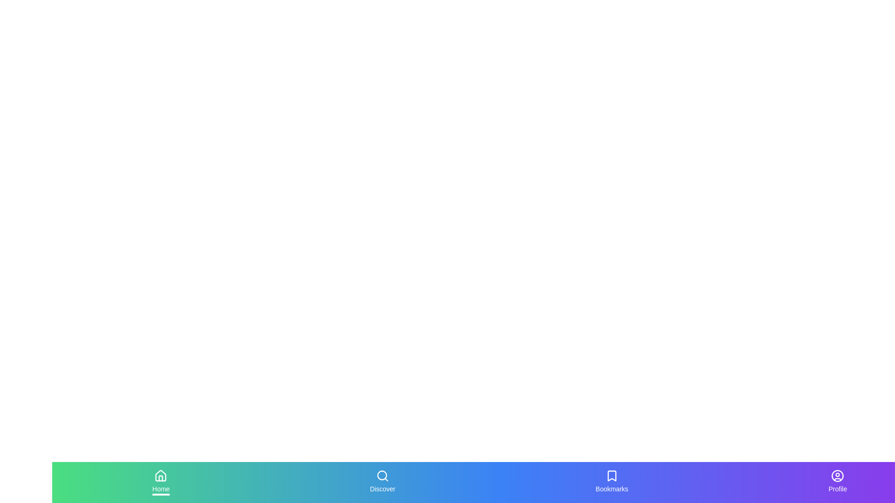 This screenshot has height=503, width=895. I want to click on the tab Home in the bottom navigation bar, so click(161, 482).